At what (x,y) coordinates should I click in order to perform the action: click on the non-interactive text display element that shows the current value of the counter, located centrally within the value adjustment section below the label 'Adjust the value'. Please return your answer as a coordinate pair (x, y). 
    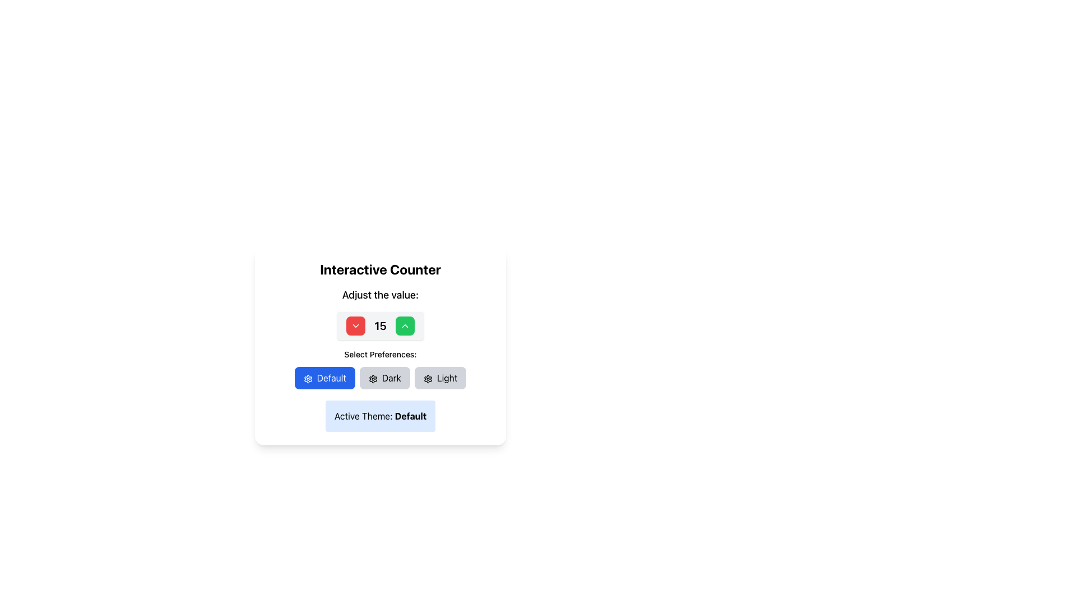
    Looking at the image, I should click on (380, 326).